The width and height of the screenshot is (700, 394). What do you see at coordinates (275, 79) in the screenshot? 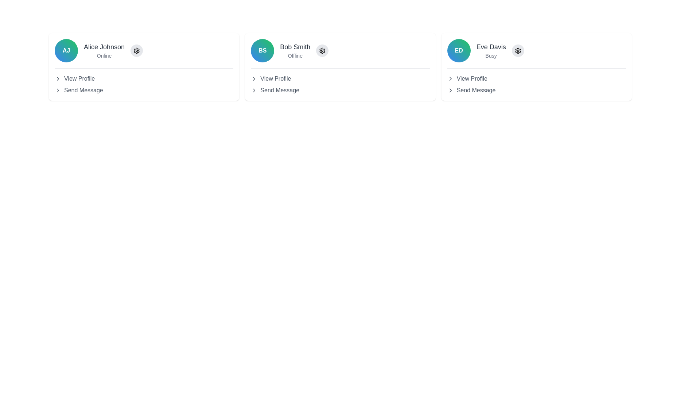
I see `the clickable text label for 'Bob Smith'` at bounding box center [275, 79].